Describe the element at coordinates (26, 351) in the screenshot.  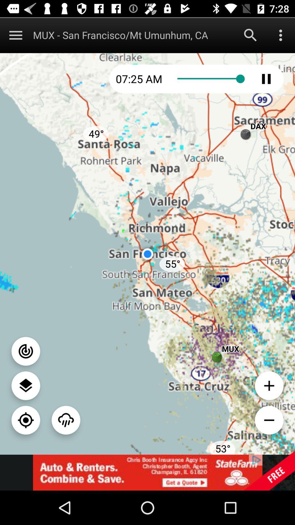
I see `the power icon` at that location.